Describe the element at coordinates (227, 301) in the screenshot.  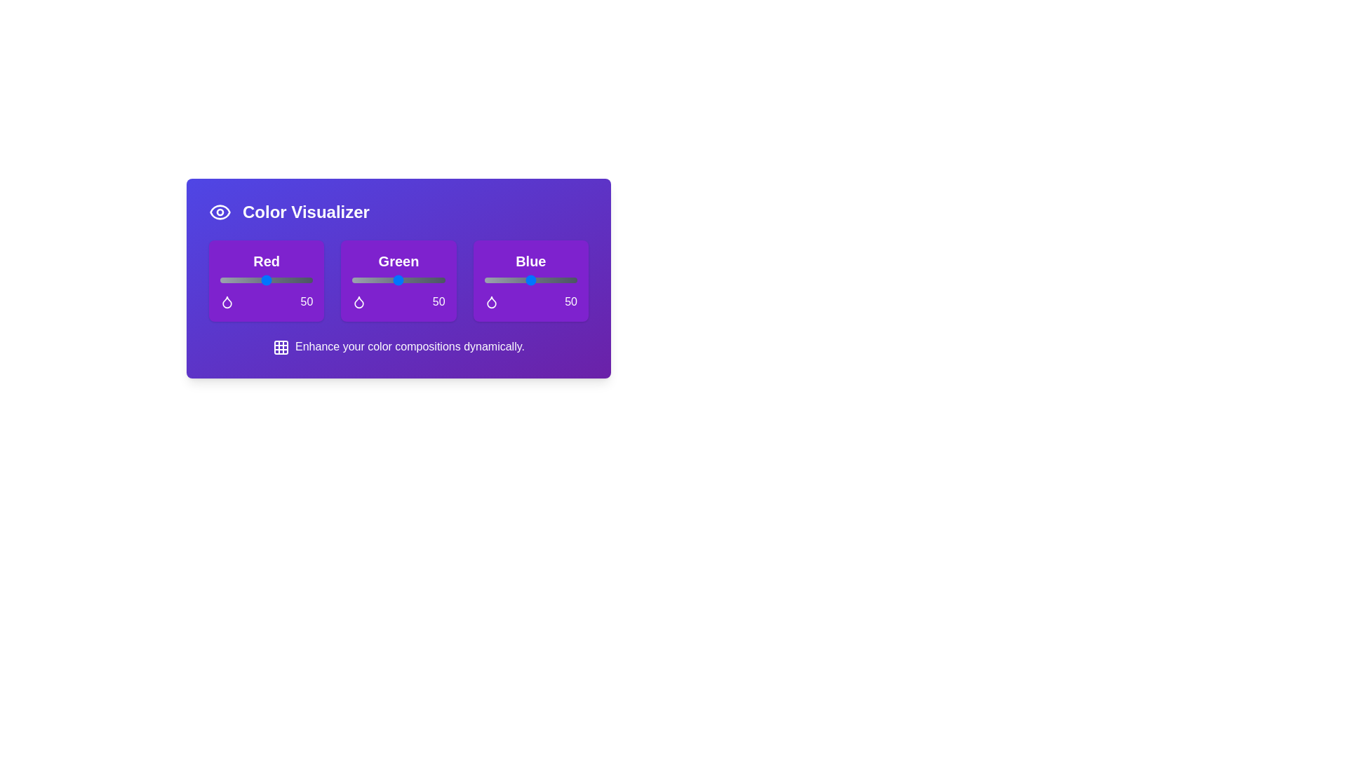
I see `the Droplet icon to observe its design and aesthetics` at that location.